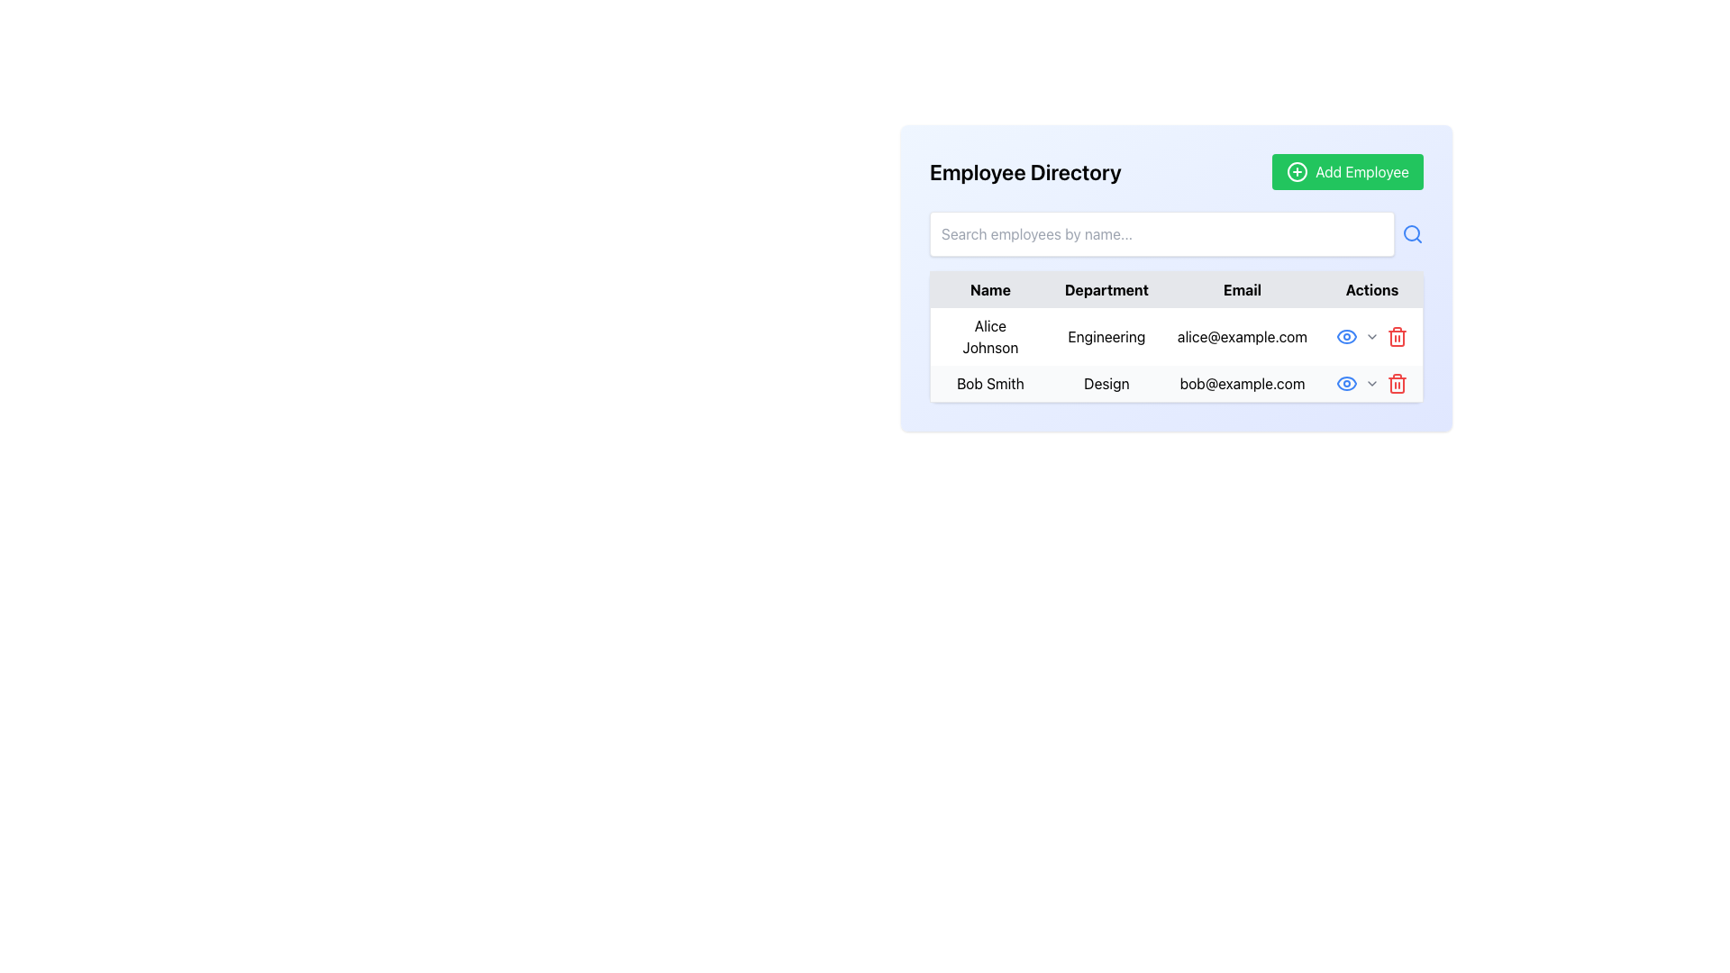  Describe the element at coordinates (1176, 172) in the screenshot. I see `the title 'Employee Directory'` at that location.